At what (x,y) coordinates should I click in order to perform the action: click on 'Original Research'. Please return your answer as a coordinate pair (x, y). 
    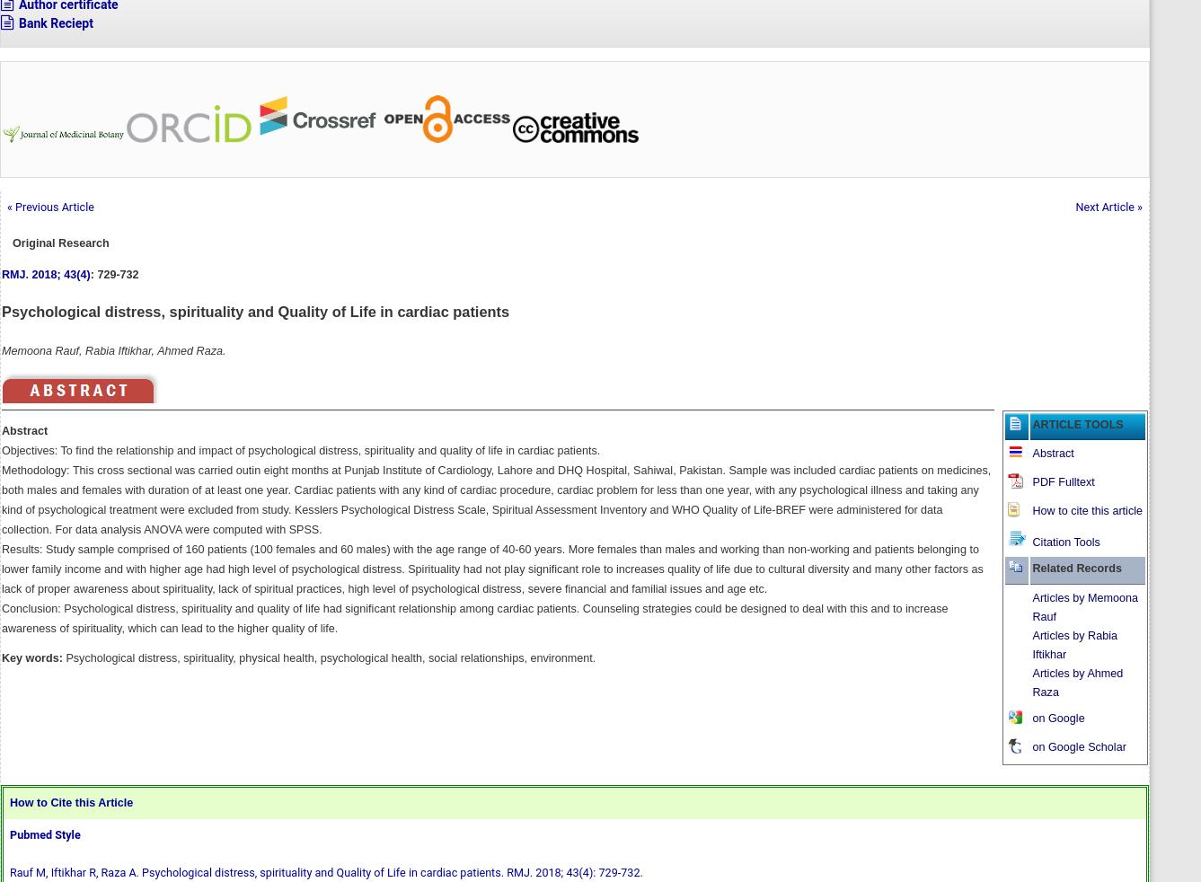
    Looking at the image, I should click on (60, 242).